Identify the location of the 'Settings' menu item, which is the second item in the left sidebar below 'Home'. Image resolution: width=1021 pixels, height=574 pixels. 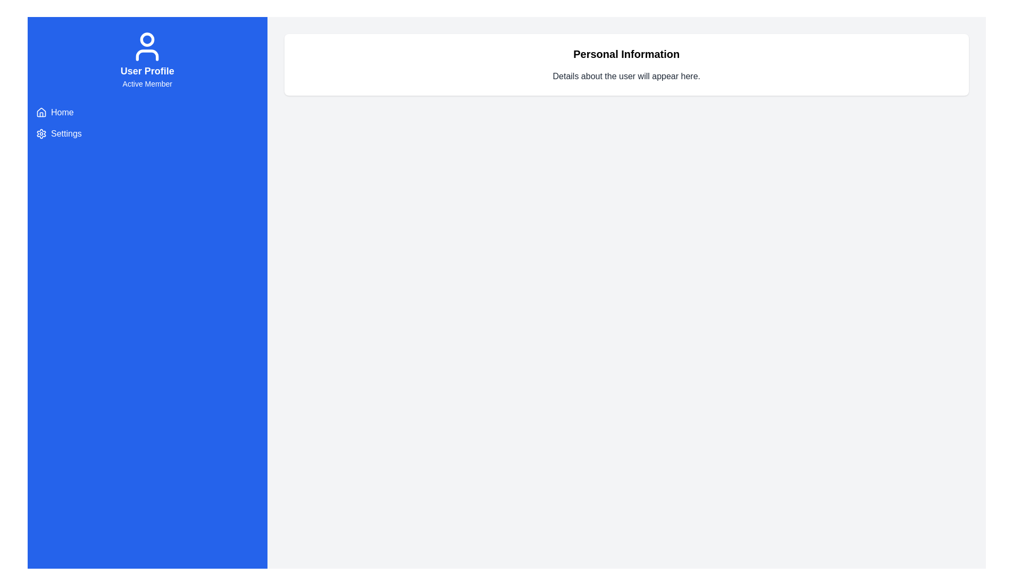
(147, 133).